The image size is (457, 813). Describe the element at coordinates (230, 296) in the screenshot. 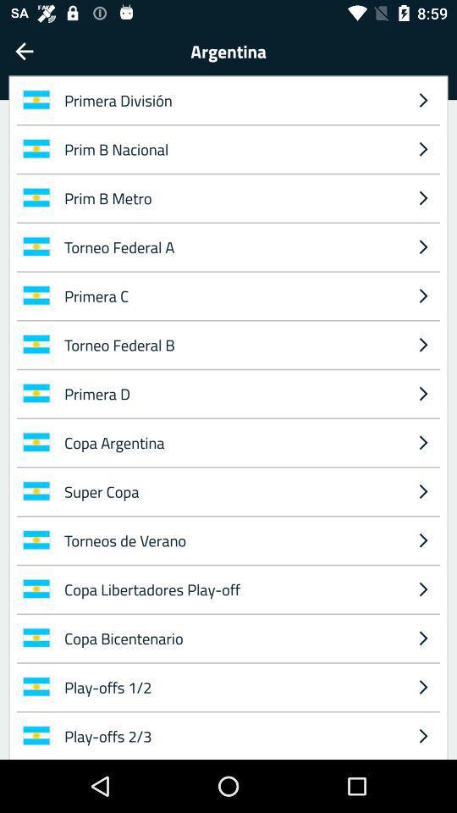

I see `primera c` at that location.